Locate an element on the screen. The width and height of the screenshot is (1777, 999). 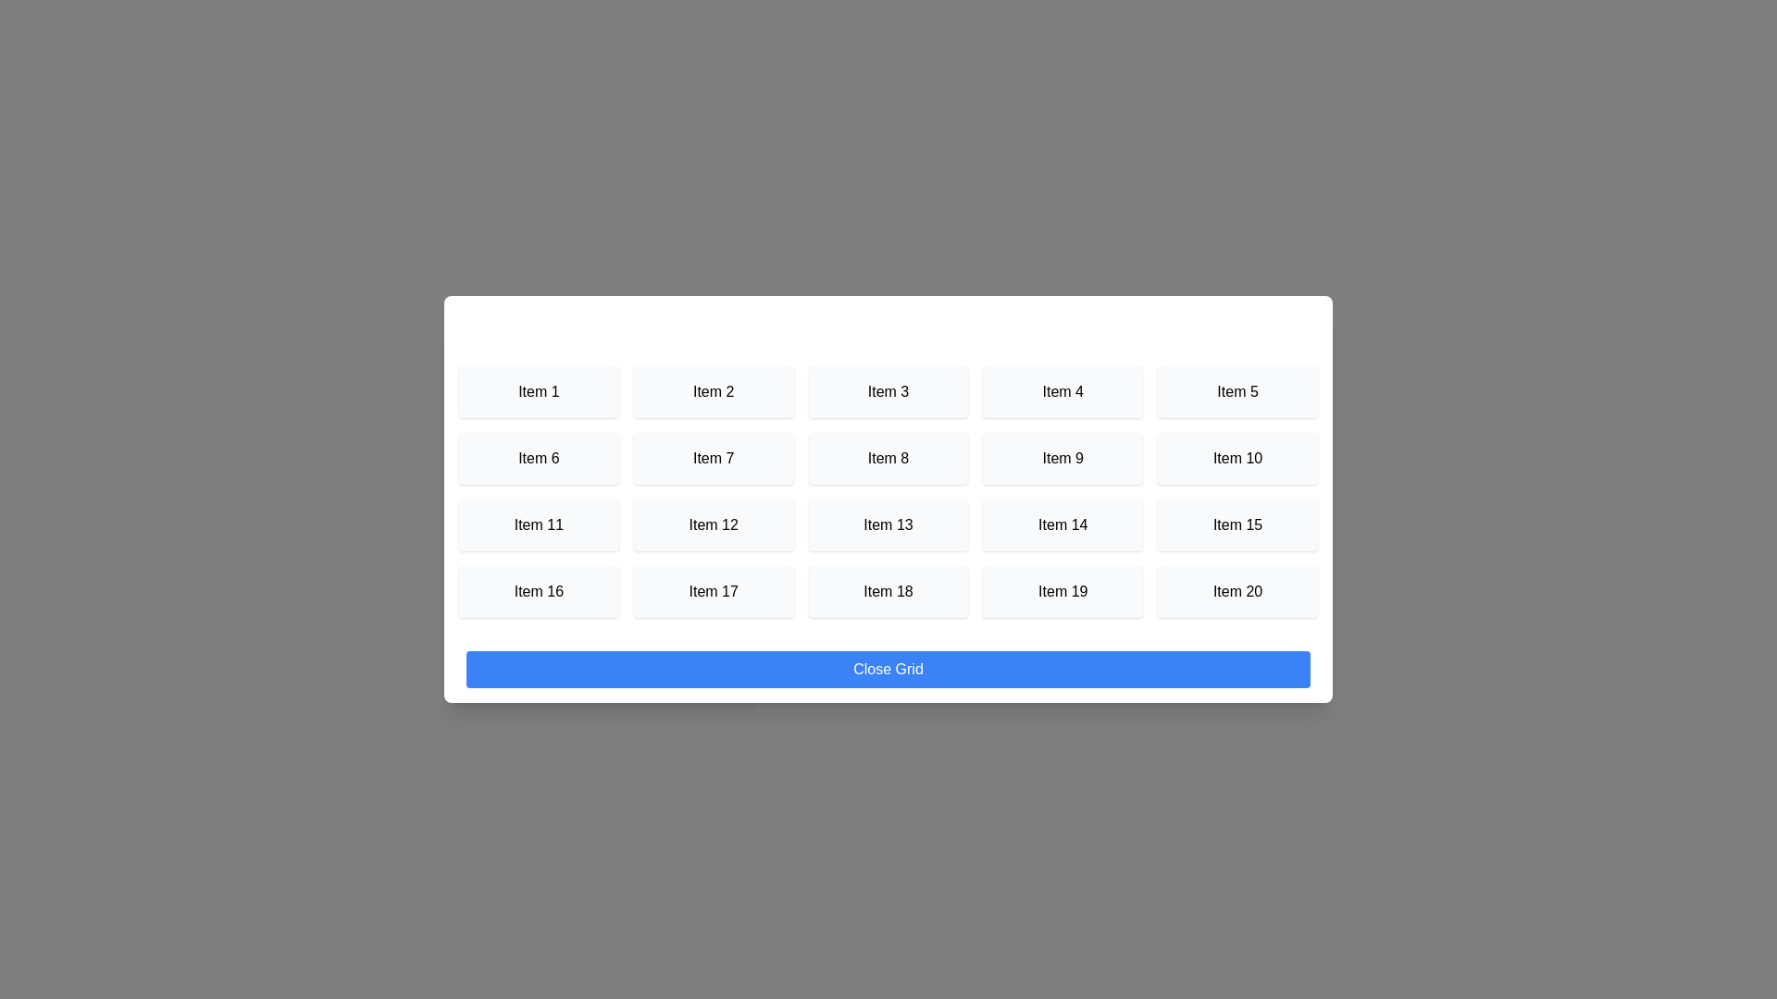
the close button in the top-right corner of the dialog is located at coordinates (1287, 323).